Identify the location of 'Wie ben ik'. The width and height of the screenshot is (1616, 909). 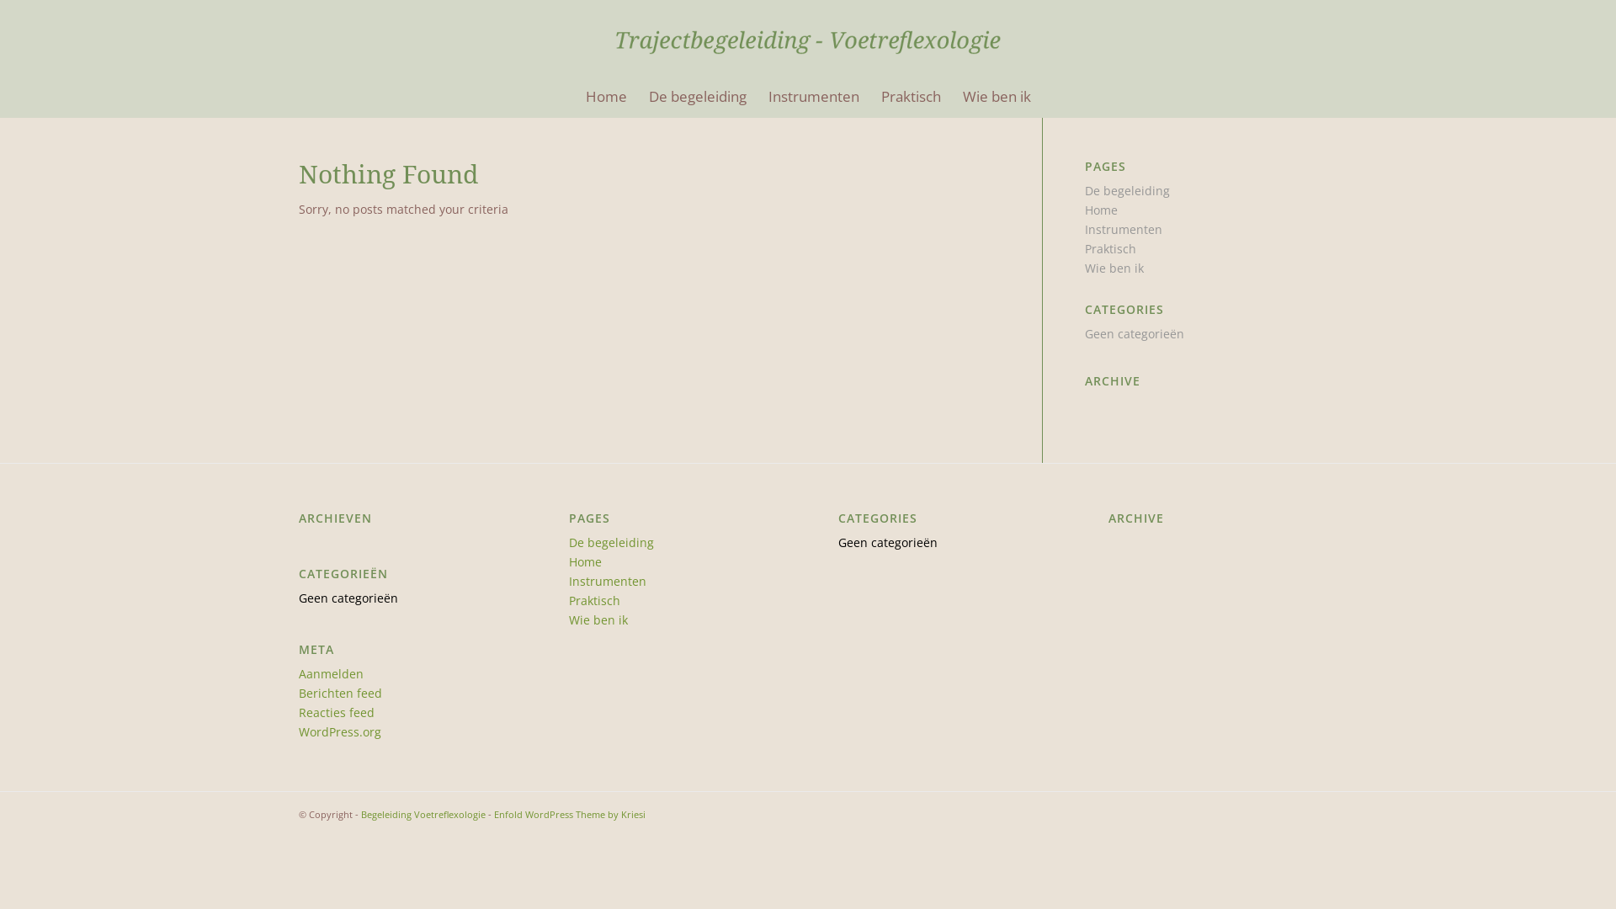
(996, 97).